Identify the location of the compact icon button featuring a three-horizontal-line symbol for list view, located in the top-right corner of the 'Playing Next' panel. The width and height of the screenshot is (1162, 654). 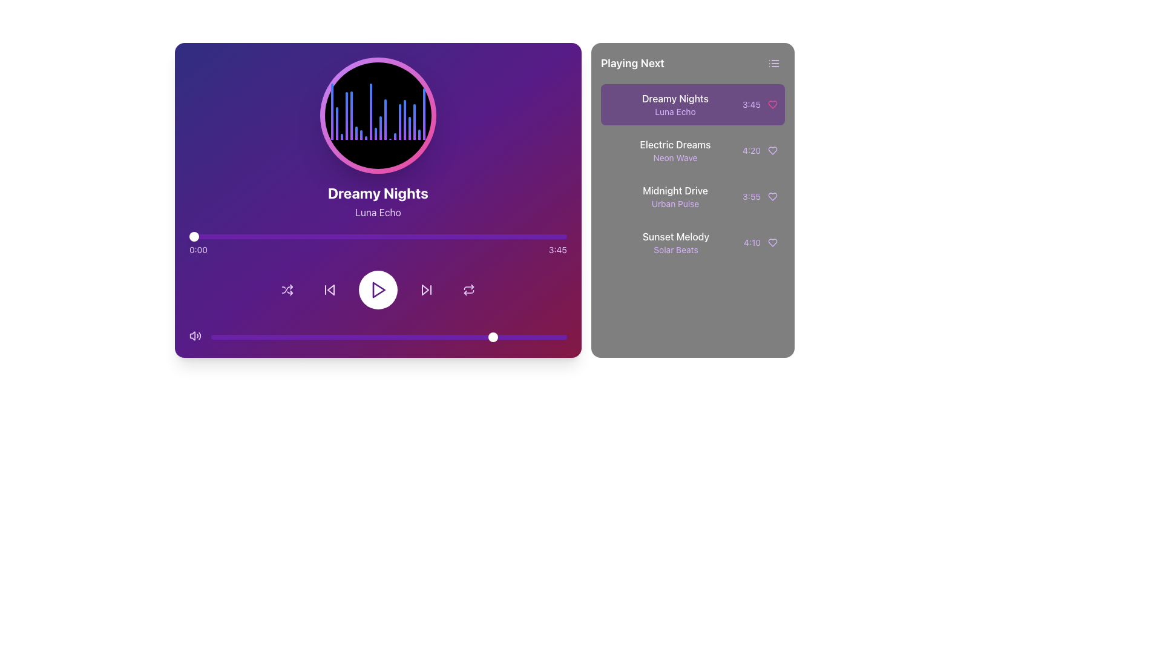
(773, 63).